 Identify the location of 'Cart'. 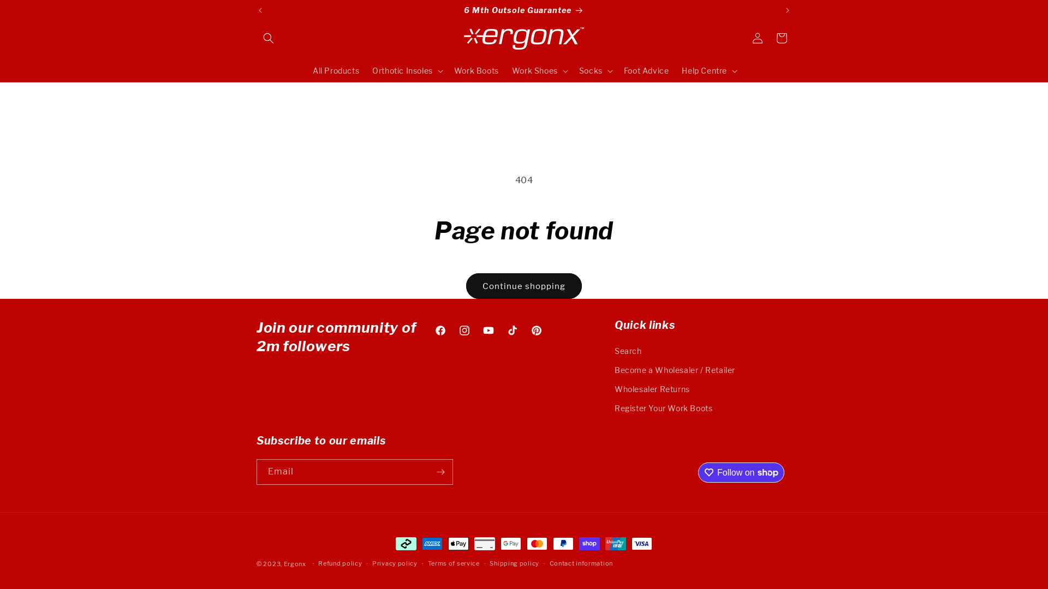
(769, 37).